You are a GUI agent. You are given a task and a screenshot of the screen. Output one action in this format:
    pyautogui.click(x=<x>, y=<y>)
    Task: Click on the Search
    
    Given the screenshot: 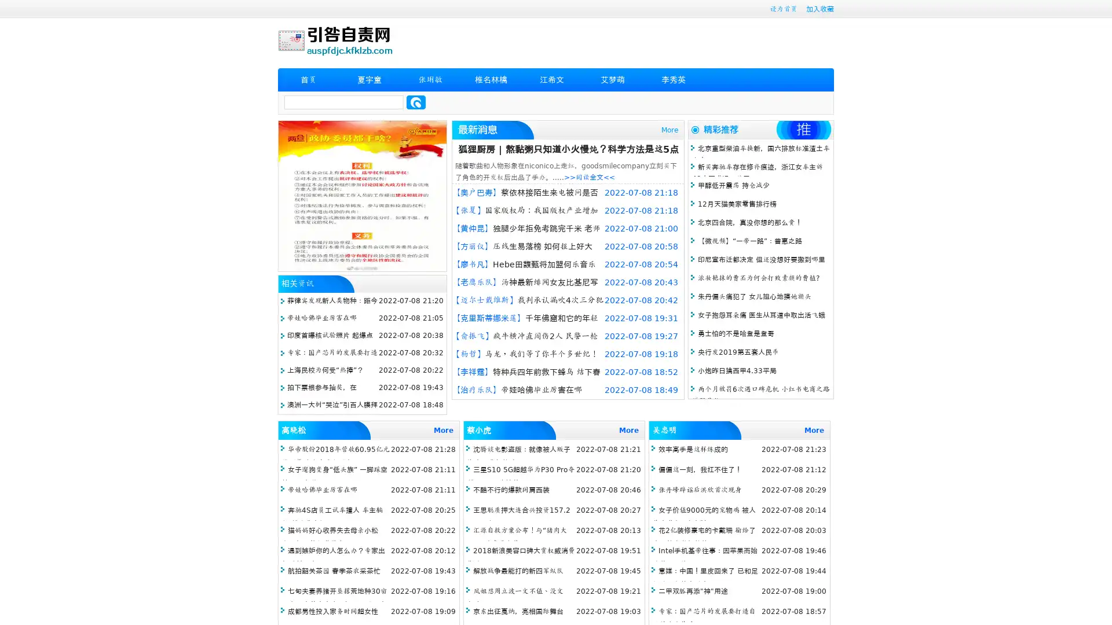 What is the action you would take?
    pyautogui.click(x=416, y=102)
    